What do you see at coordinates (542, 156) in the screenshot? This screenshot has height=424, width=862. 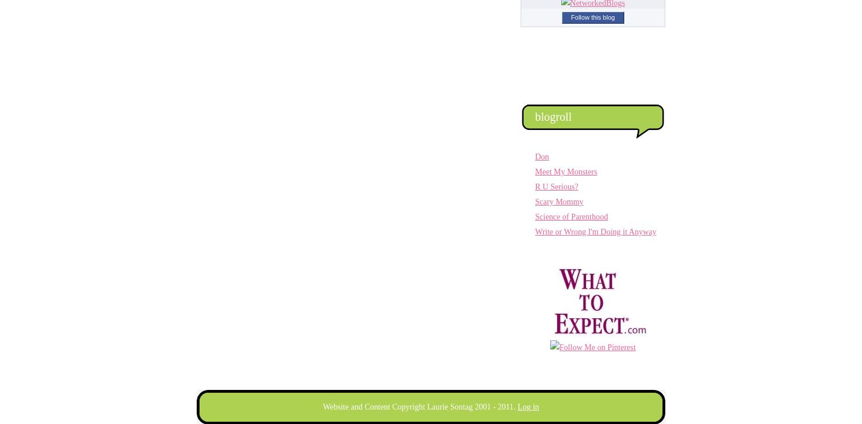 I see `'Don'` at bounding box center [542, 156].